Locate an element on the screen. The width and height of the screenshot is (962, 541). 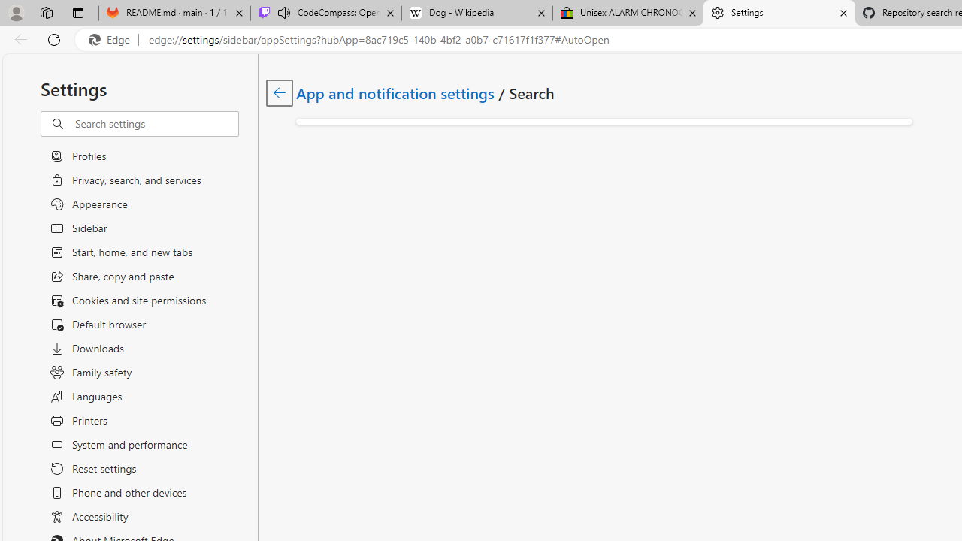
'Go back to App and notification settings page.' is located at coordinates (280, 92).